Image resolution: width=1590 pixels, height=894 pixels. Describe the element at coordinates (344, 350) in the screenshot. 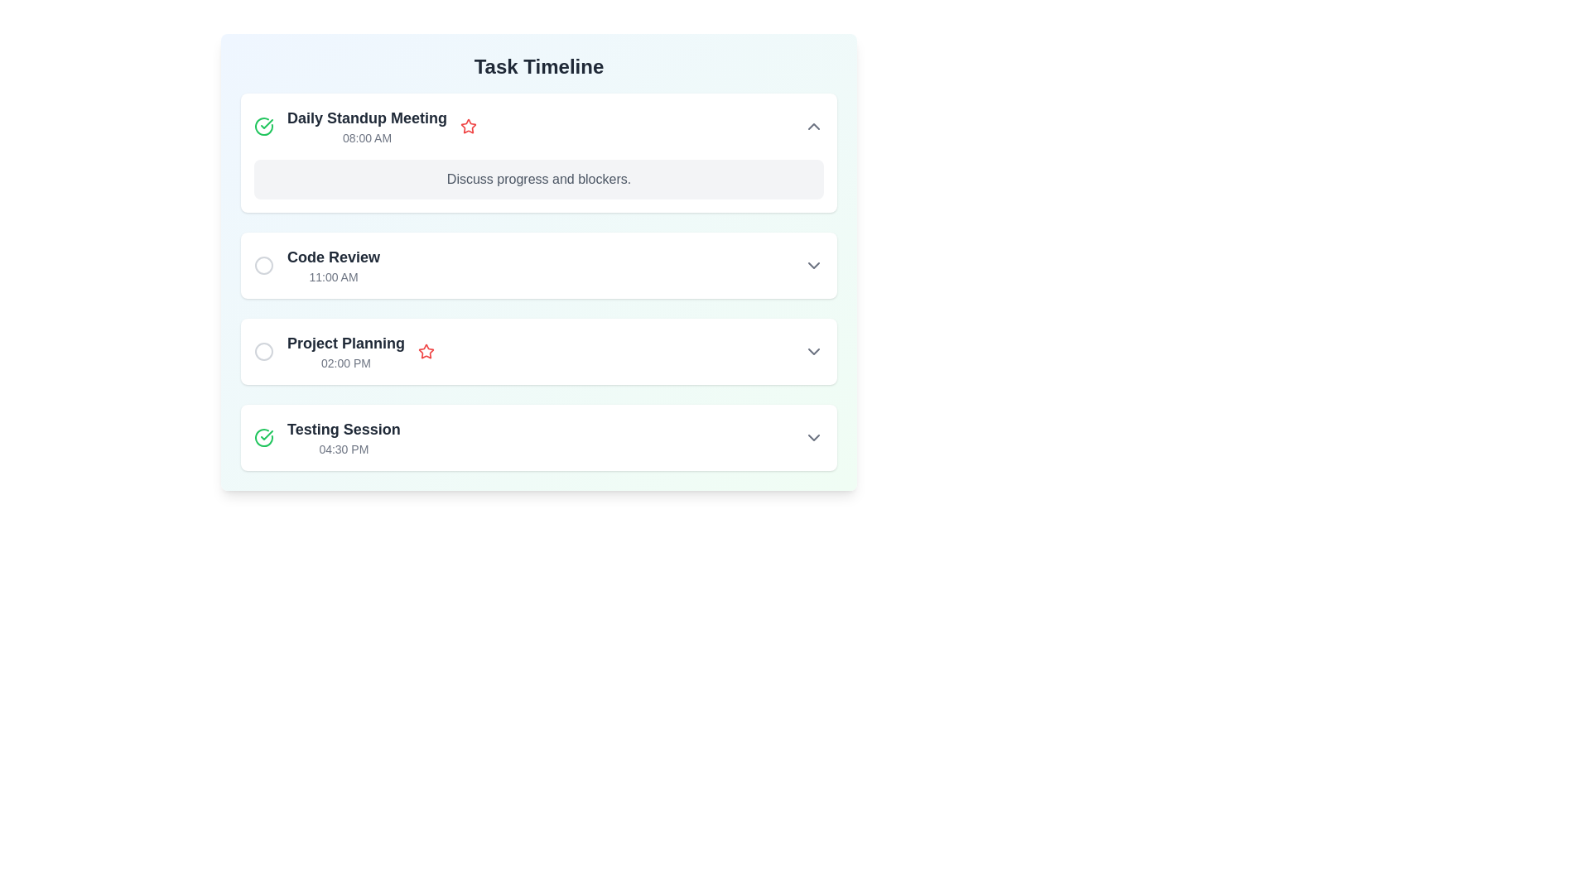

I see `the textual label group containing 'Project Planning' and '02:00 PM' located in the third entry of the 'Task Timeline' list` at that location.